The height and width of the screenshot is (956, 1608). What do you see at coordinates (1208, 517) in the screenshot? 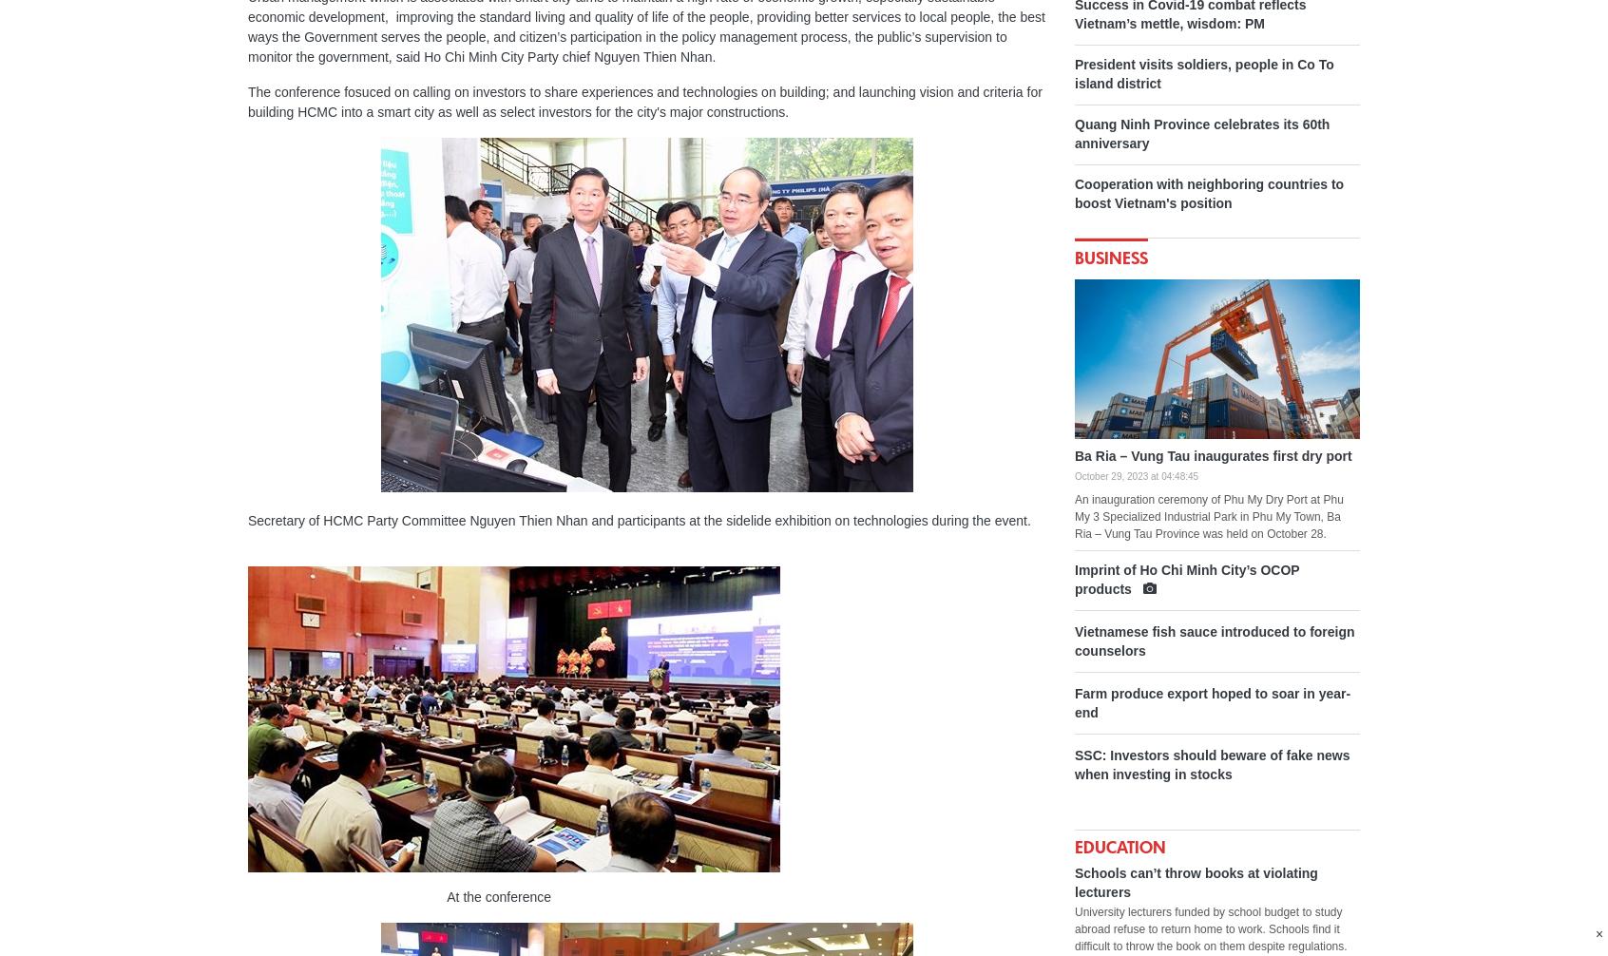
I see `'An inauguration ceremony of Phu My Dry Port at Phu My 3 Specialized Industrial Park in Phu My Town, Ba Ria – Vung Tau Province was held on October 28.'` at bounding box center [1208, 517].